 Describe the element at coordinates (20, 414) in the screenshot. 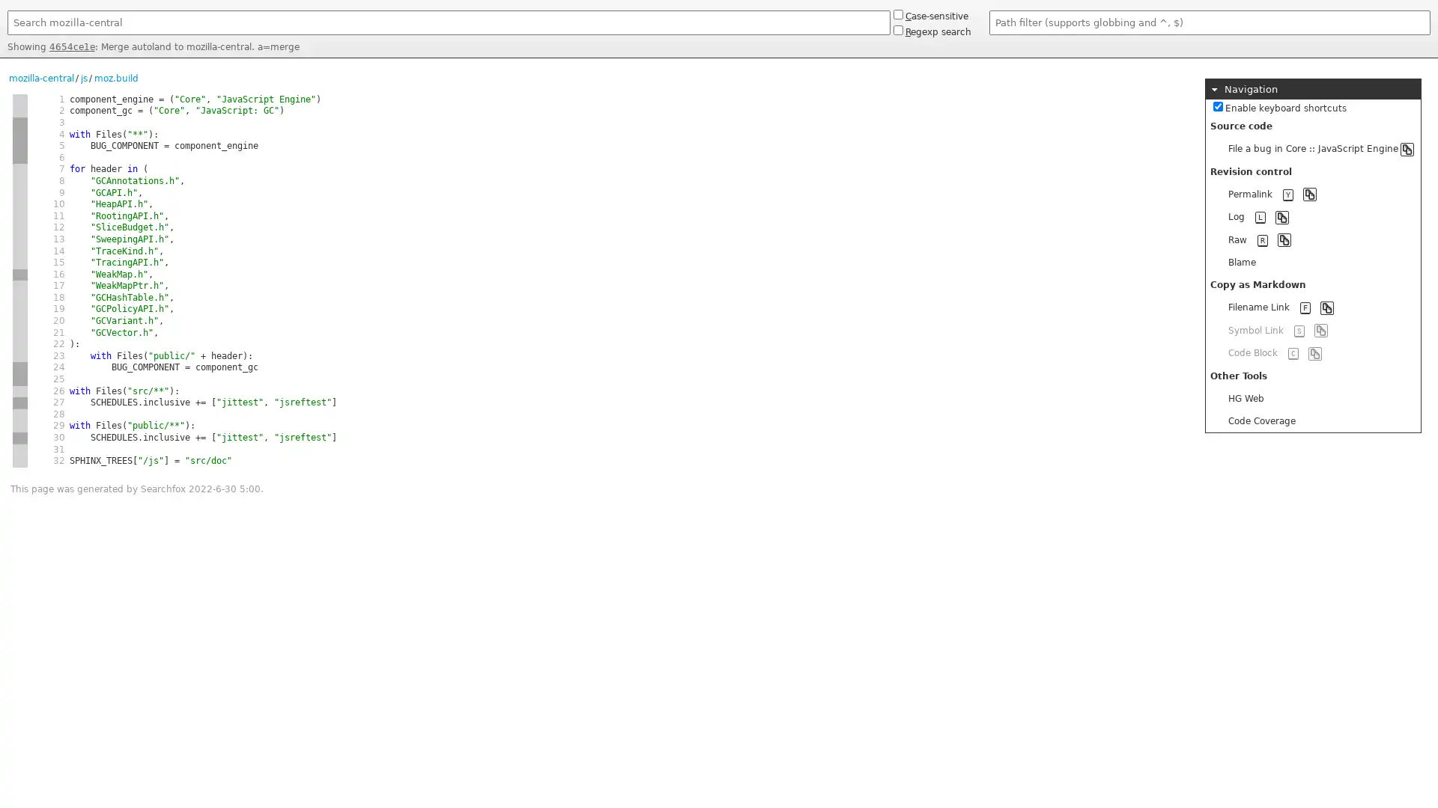

I see `new hash 4` at that location.